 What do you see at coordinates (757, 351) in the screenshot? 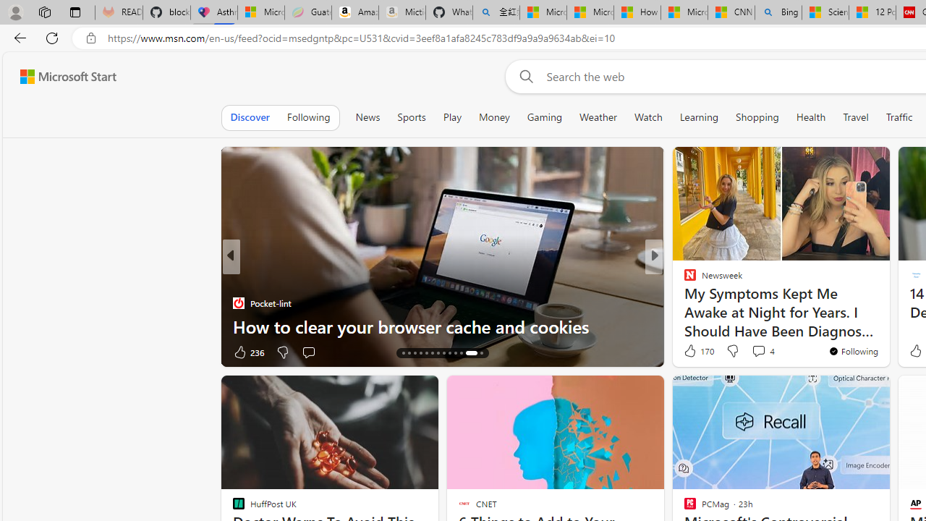
I see `'View comments 4 Comment'` at bounding box center [757, 351].